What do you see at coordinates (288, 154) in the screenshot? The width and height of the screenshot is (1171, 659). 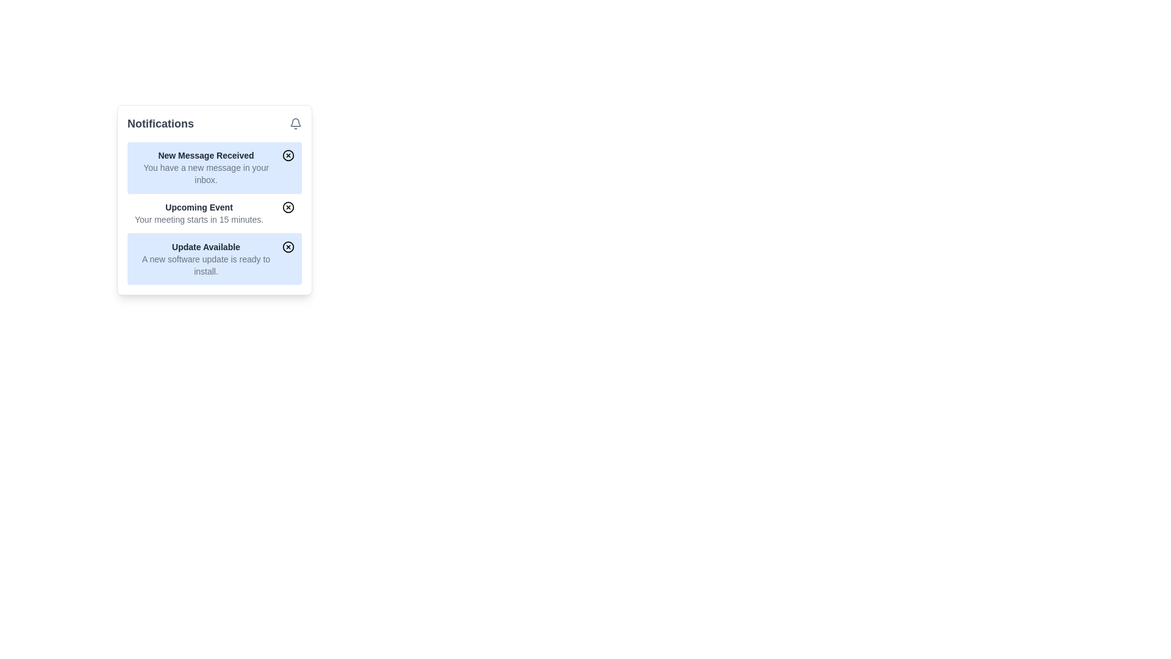 I see `the circular interactive button with a light blue background and an 'X' icon in the center, located at the top-right corner of the 'New Message Received' notification card` at bounding box center [288, 154].